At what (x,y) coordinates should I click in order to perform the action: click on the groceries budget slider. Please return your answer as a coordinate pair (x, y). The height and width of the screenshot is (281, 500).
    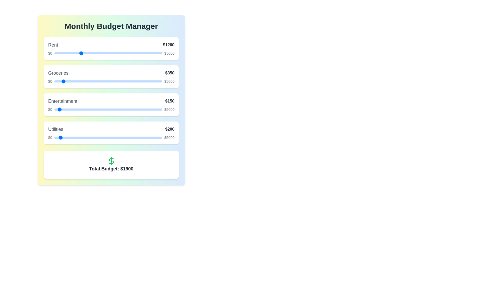
    Looking at the image, I should click on (123, 81).